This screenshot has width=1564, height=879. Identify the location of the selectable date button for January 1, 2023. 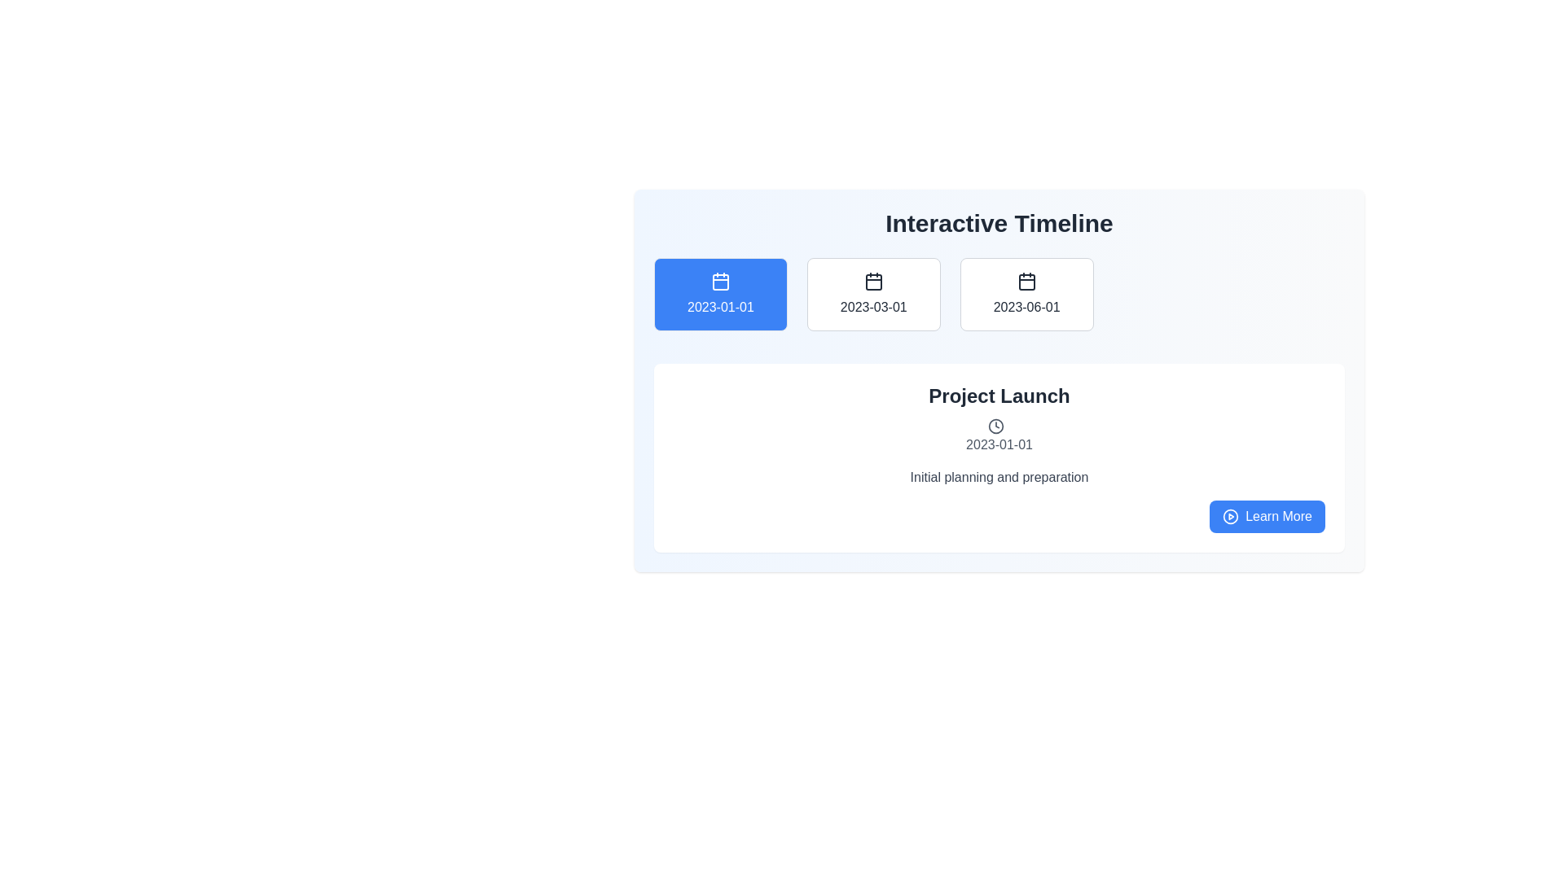
(719, 295).